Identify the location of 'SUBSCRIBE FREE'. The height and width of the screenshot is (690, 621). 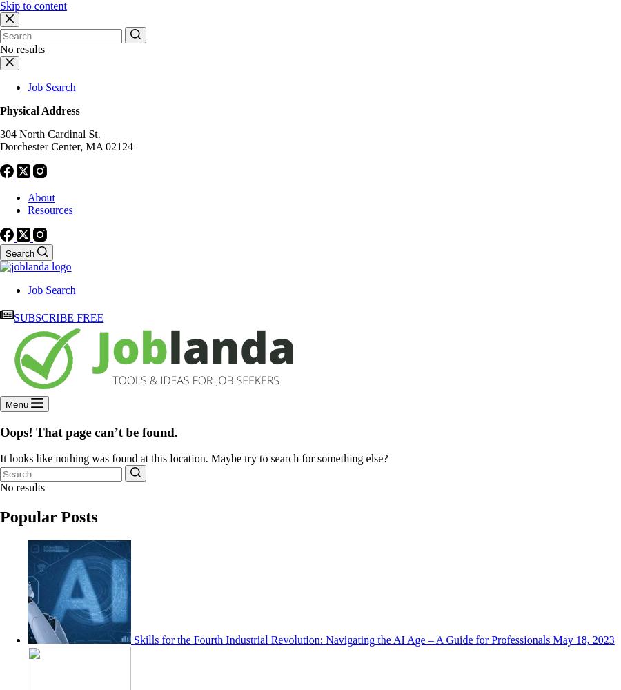
(57, 317).